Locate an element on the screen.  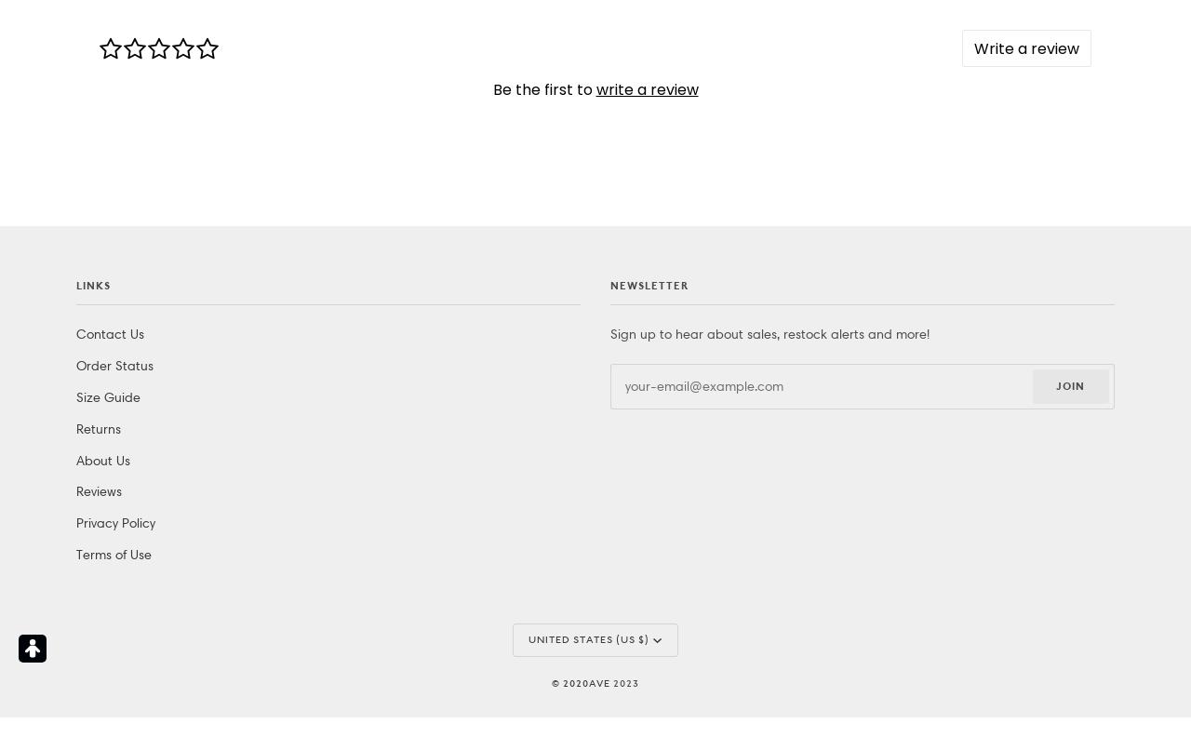
'2023' is located at coordinates (624, 333).